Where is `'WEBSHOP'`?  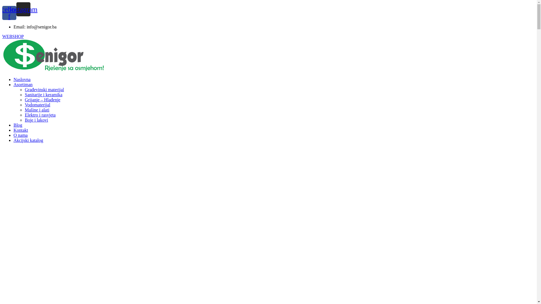
'WEBSHOP' is located at coordinates (2, 36).